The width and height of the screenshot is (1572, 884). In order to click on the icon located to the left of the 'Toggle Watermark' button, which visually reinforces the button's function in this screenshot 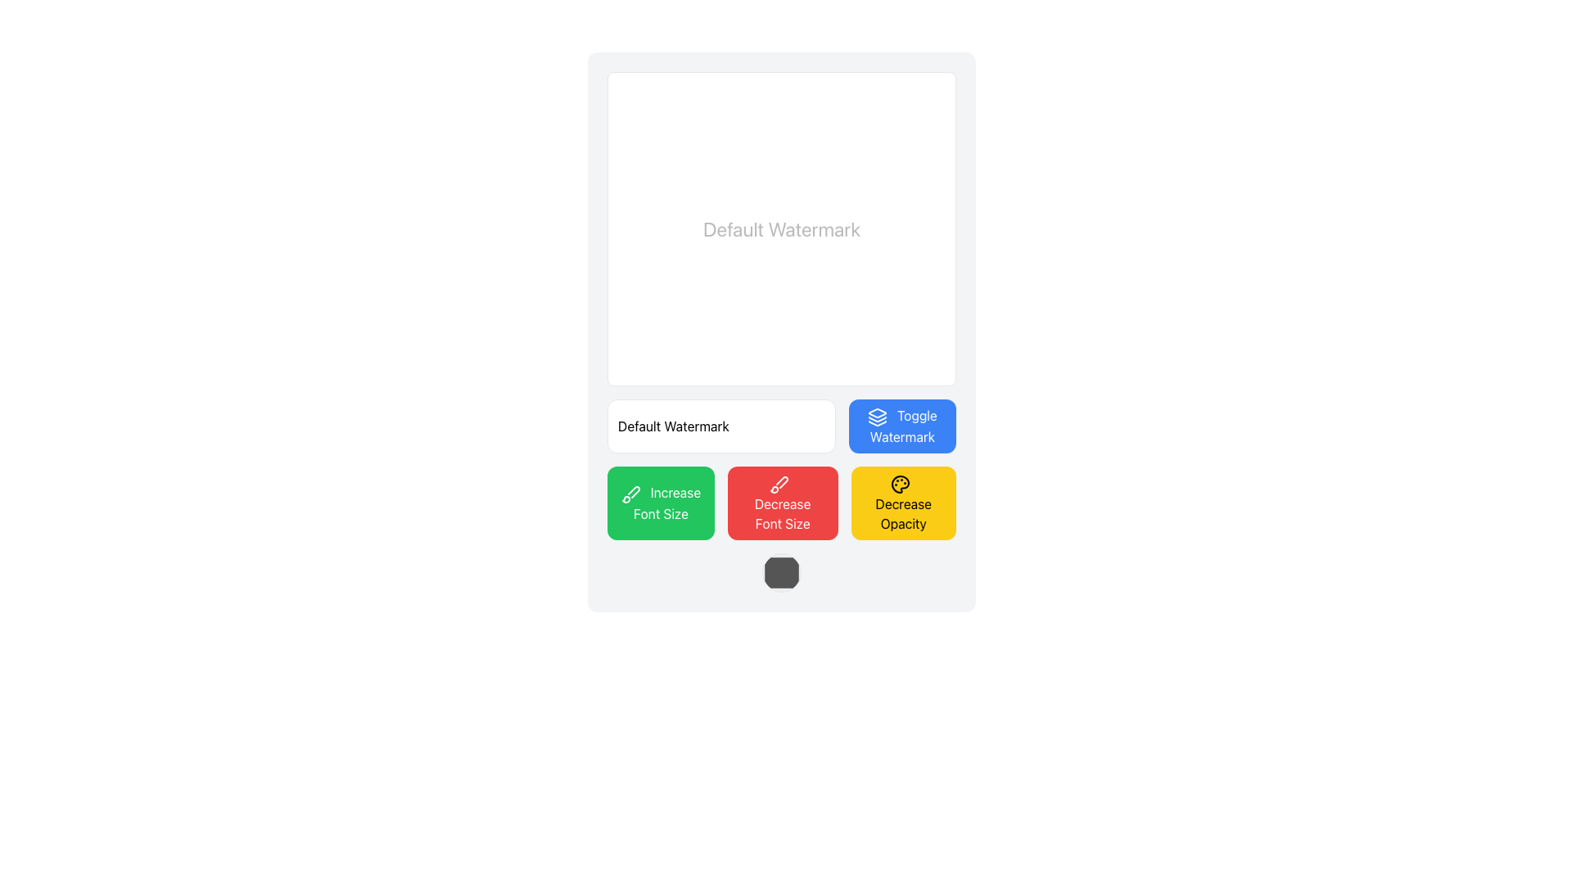, I will do `click(876, 416)`.